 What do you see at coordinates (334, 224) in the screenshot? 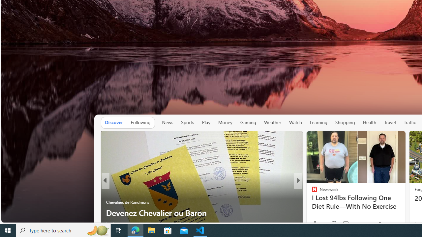
I see `'Dislike'` at bounding box center [334, 224].